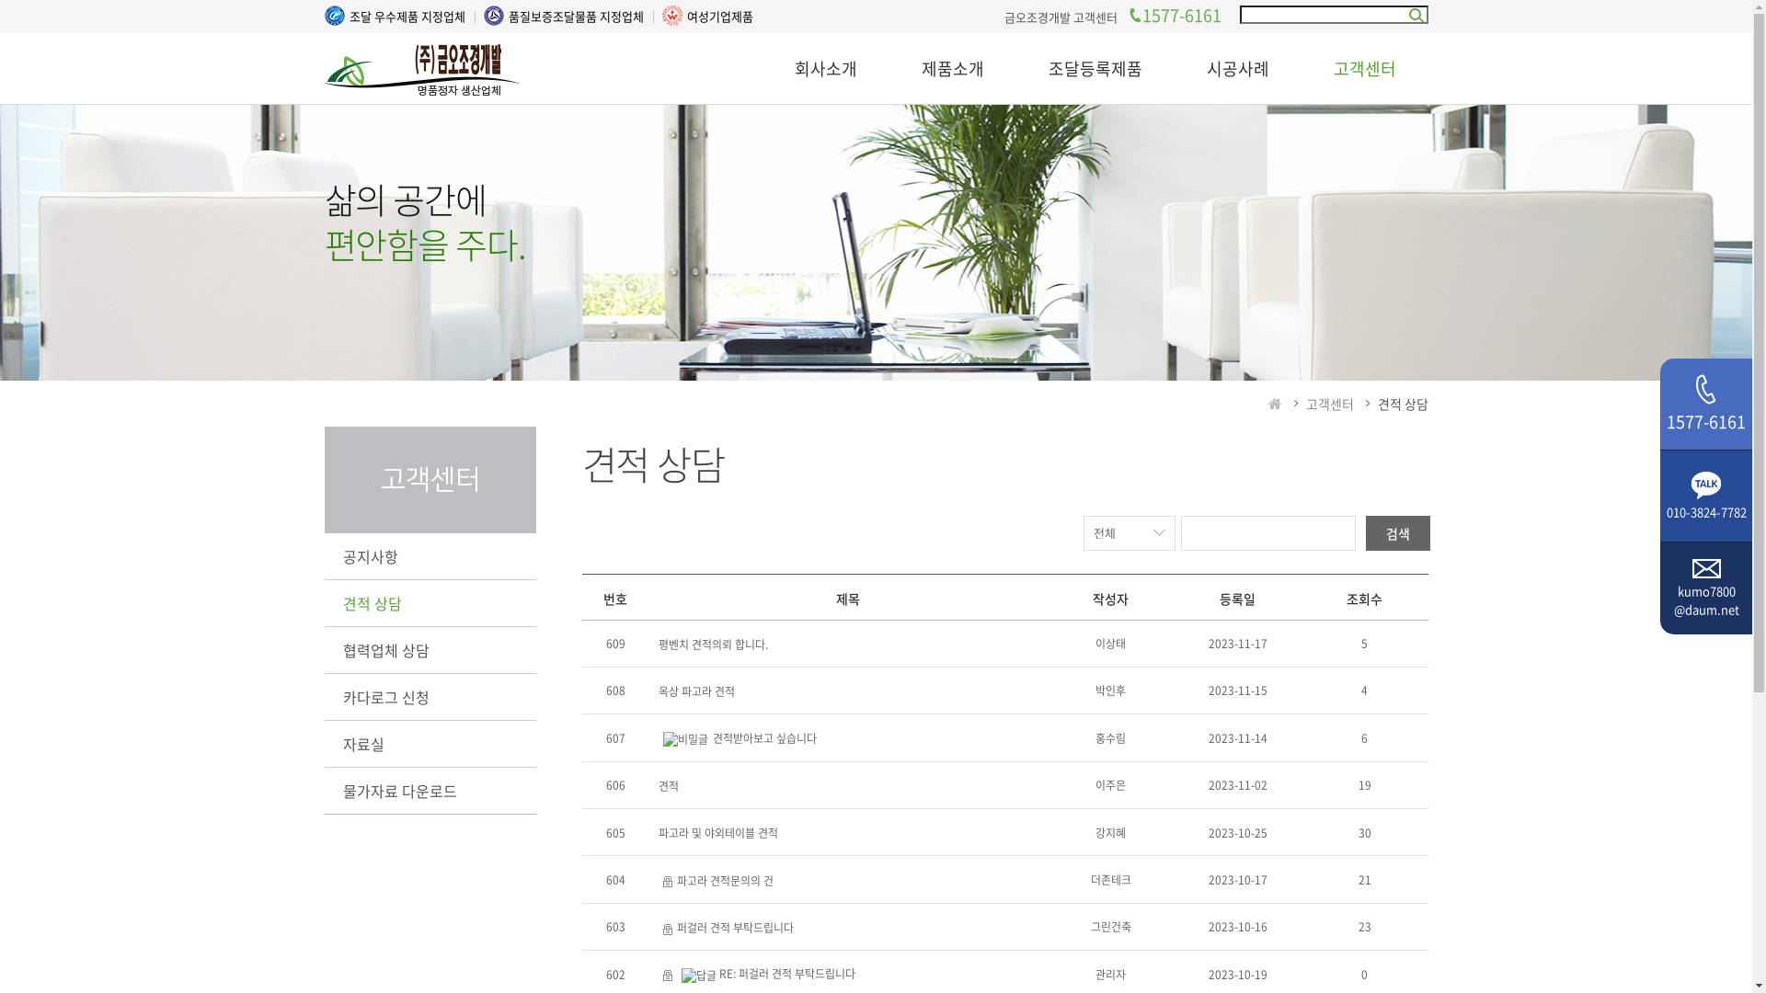 This screenshot has height=993, width=1766. What do you see at coordinates (1273, 403) in the screenshot?
I see `'HOME'` at bounding box center [1273, 403].